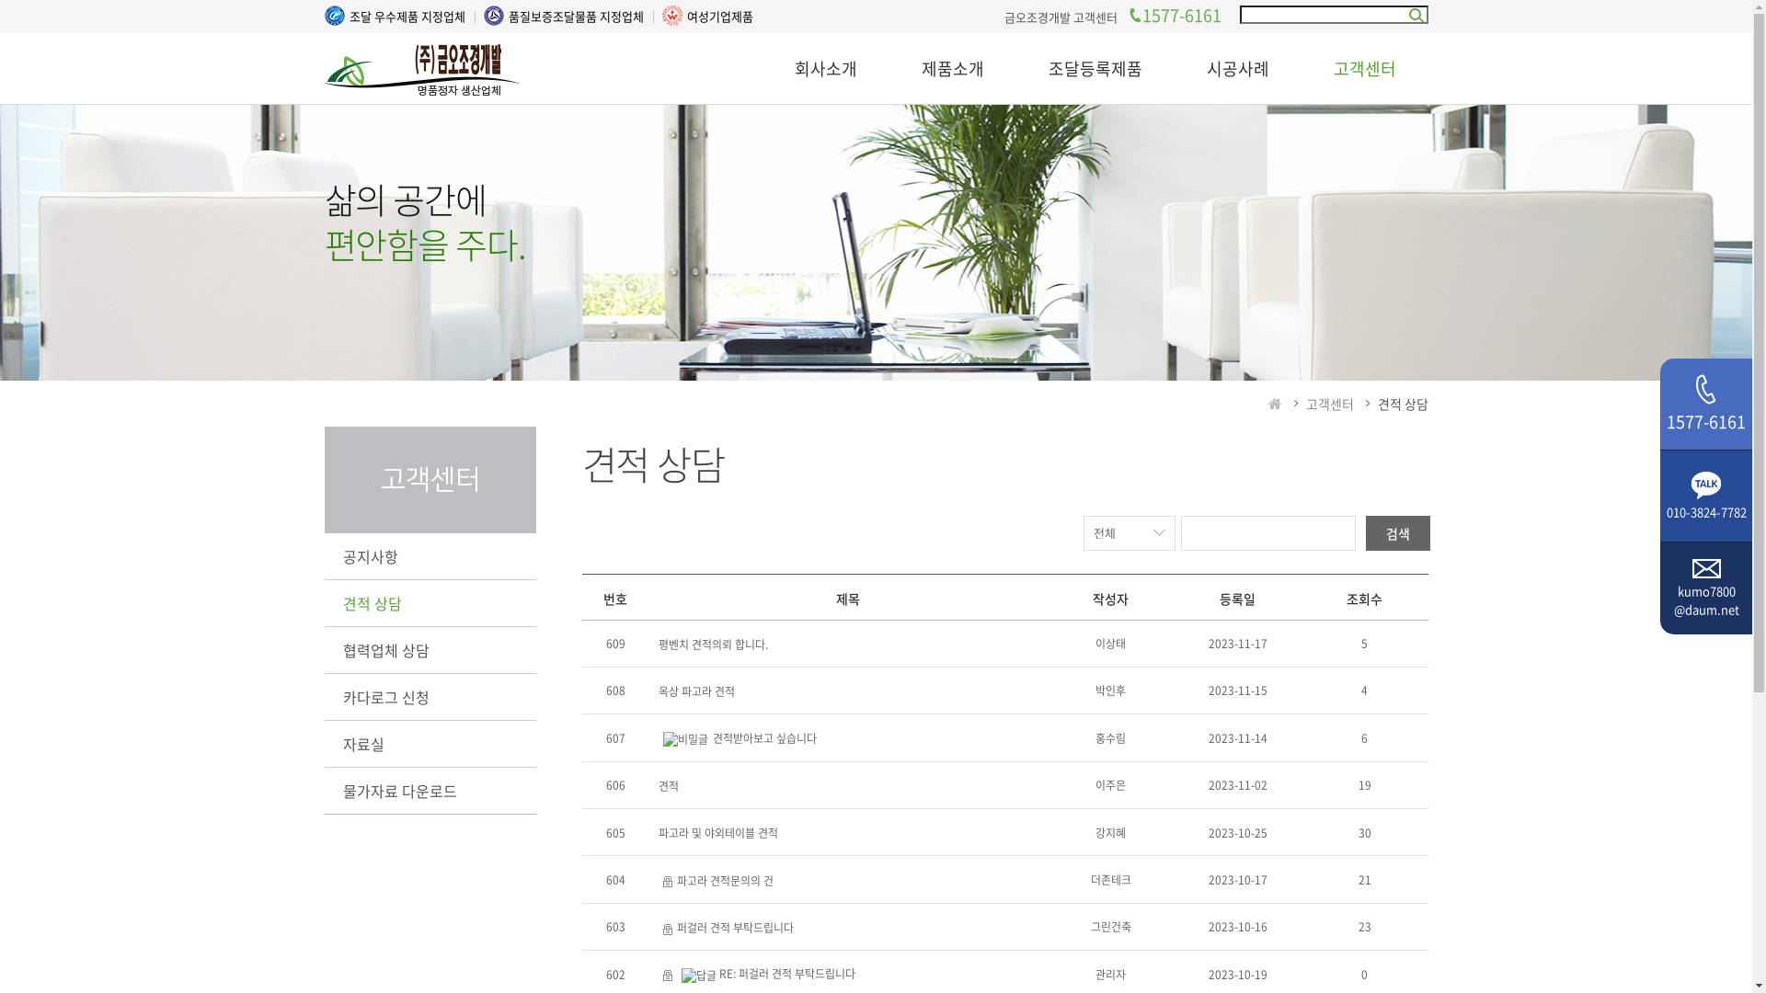 This screenshot has height=993, width=1766. What do you see at coordinates (1273, 403) in the screenshot?
I see `'HOME'` at bounding box center [1273, 403].